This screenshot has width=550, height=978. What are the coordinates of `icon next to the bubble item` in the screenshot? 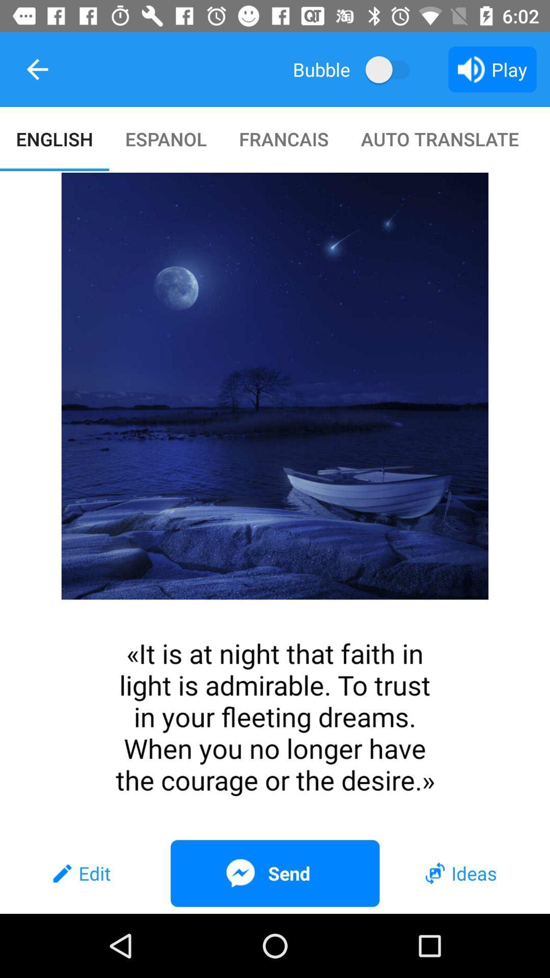 It's located at (392, 69).